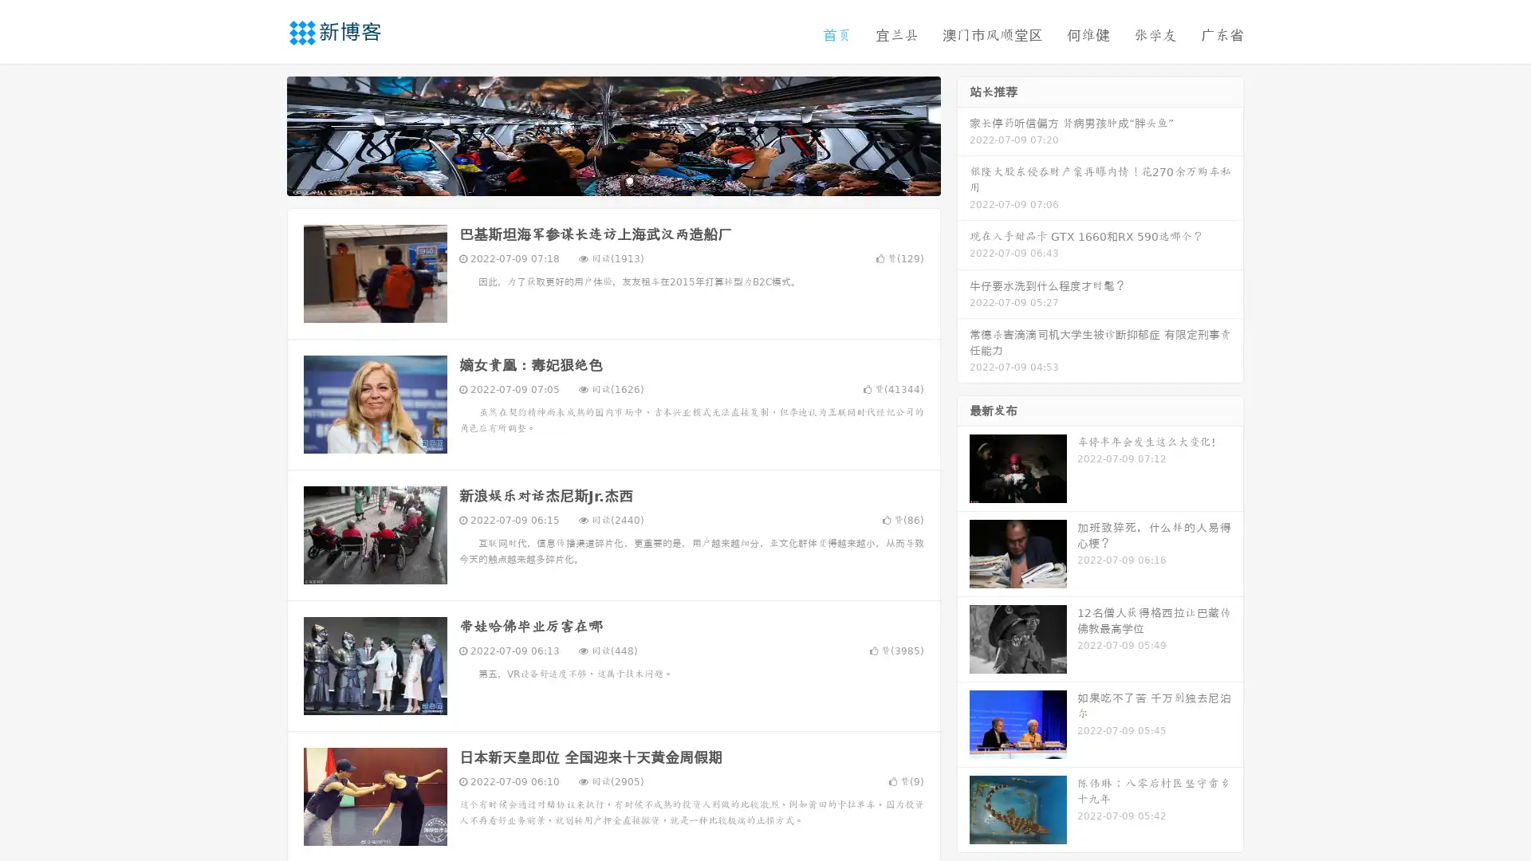  What do you see at coordinates (596, 179) in the screenshot?
I see `Go to slide 1` at bounding box center [596, 179].